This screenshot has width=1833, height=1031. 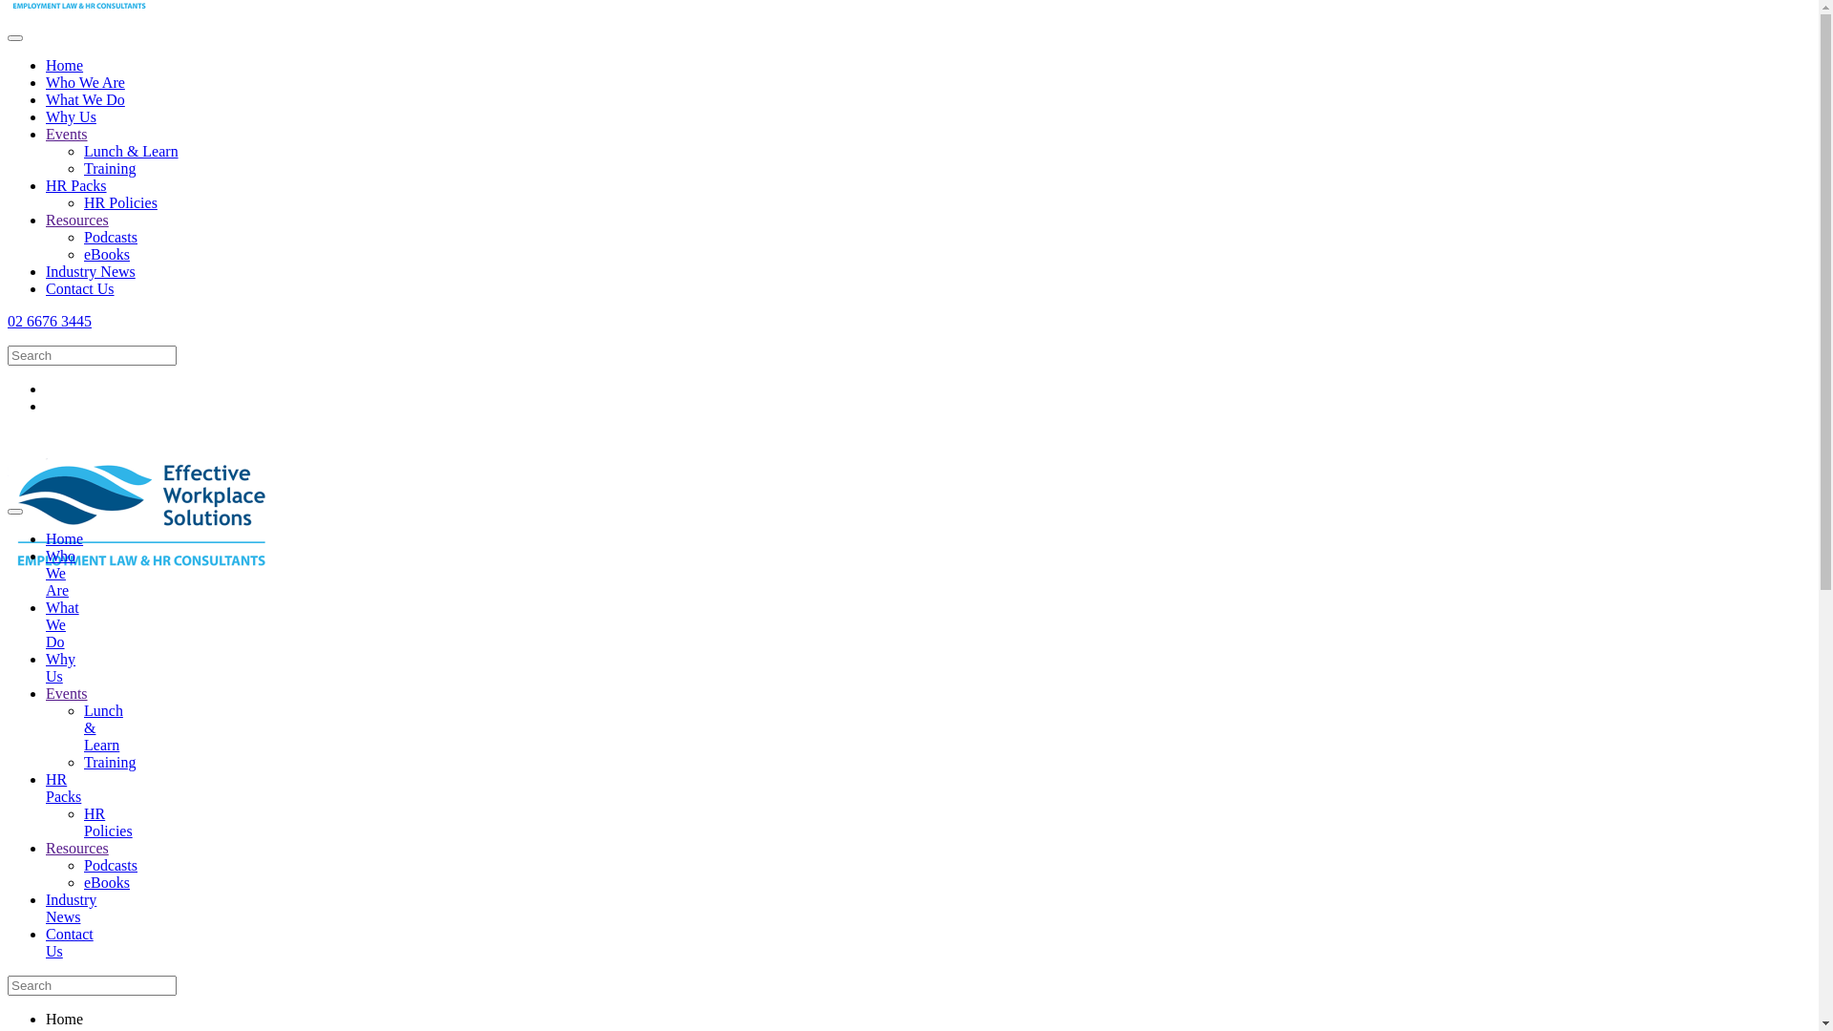 I want to click on 'What We Do', so click(x=62, y=624).